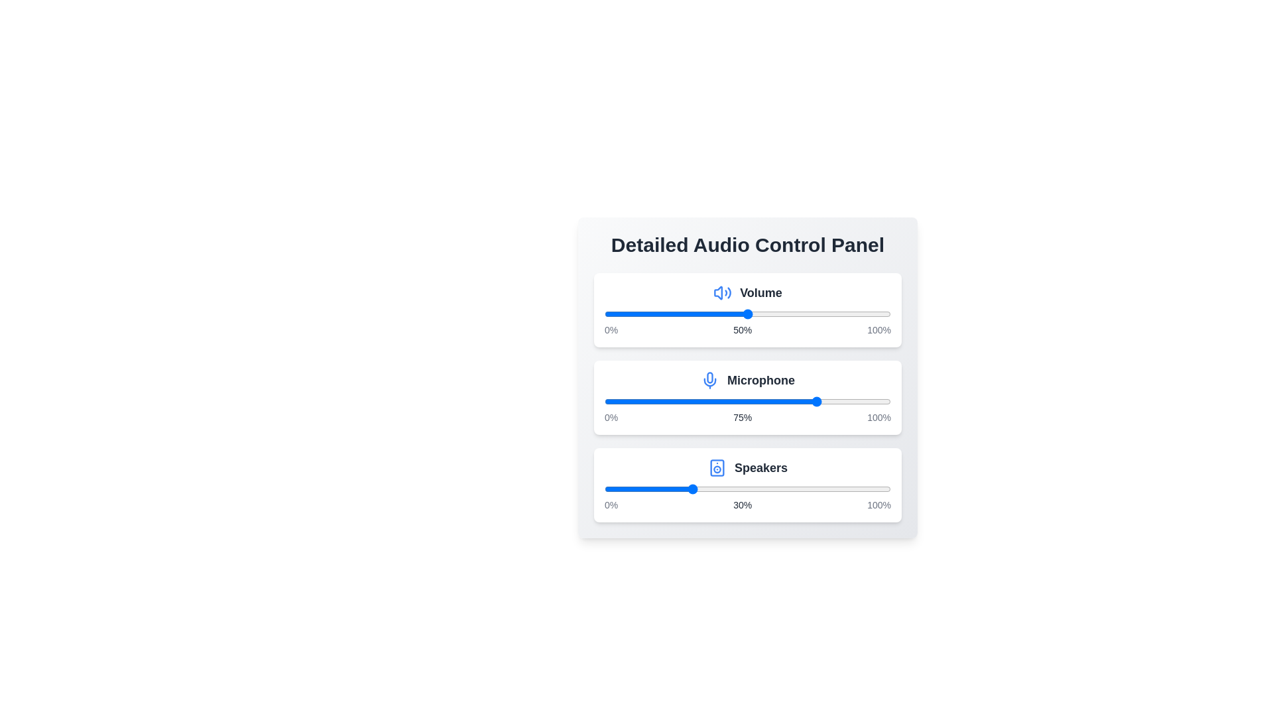 The width and height of the screenshot is (1273, 716). I want to click on the icon for Volume to inspect it, so click(722, 292).